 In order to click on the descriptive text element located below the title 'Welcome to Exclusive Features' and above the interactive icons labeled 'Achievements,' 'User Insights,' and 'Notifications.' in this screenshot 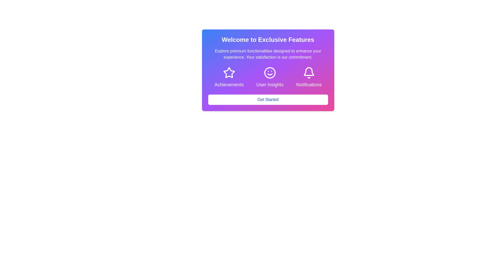, I will do `click(268, 54)`.